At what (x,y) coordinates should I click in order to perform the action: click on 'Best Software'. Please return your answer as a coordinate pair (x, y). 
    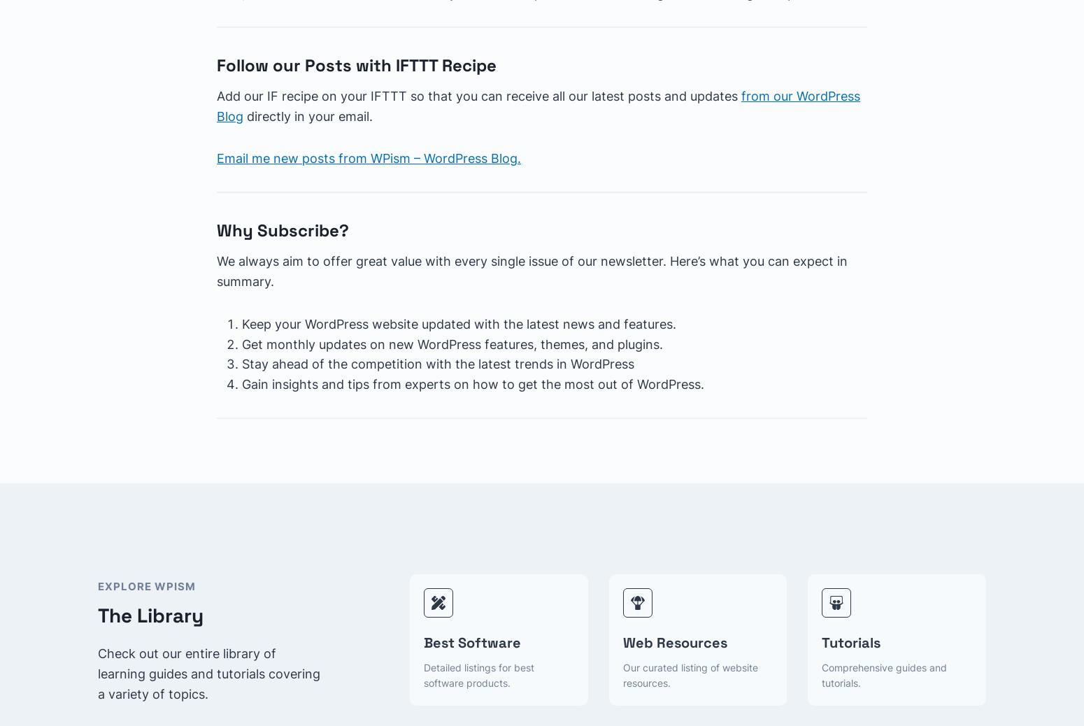
    Looking at the image, I should click on (471, 642).